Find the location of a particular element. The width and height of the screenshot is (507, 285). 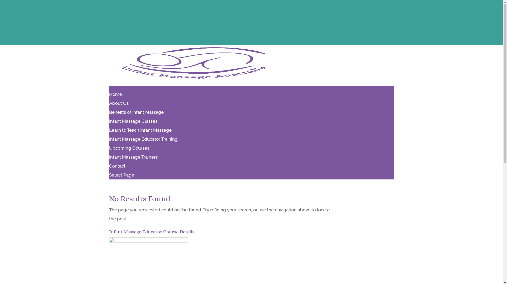

'Infant Massage Trainers' is located at coordinates (133, 156).